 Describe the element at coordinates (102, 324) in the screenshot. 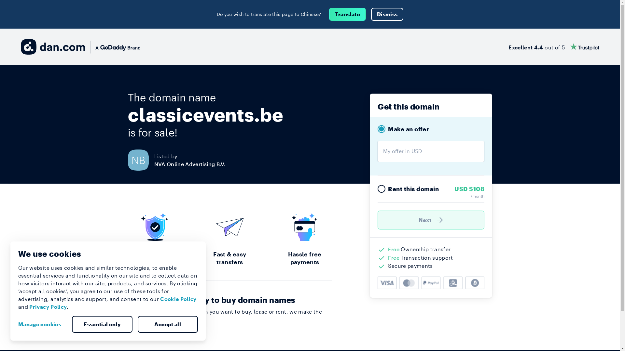

I see `'Essential only'` at that location.